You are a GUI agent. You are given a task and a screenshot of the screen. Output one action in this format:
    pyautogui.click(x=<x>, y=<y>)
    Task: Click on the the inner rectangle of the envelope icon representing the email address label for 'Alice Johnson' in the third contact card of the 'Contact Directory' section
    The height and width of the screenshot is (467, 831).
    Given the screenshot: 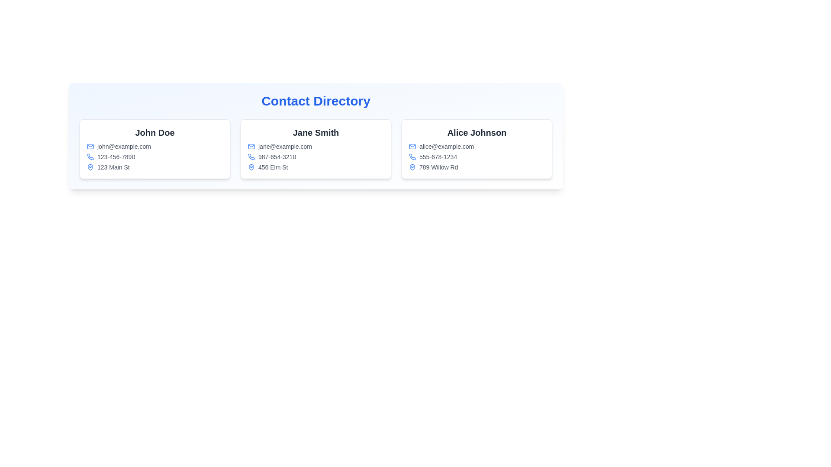 What is the action you would take?
    pyautogui.click(x=412, y=146)
    